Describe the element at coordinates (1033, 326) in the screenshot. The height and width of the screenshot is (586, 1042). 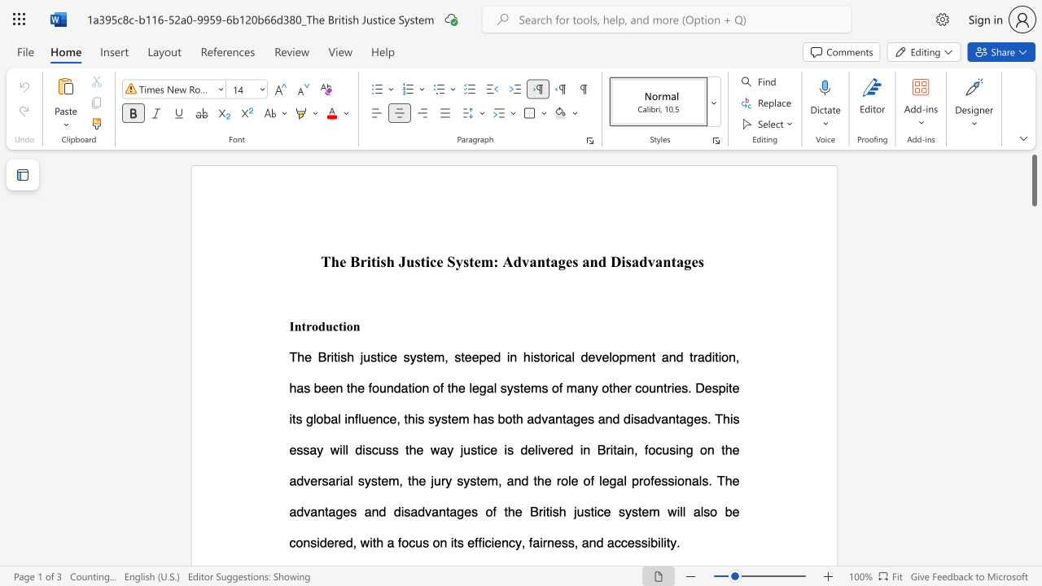
I see `the scrollbar on the side` at that location.